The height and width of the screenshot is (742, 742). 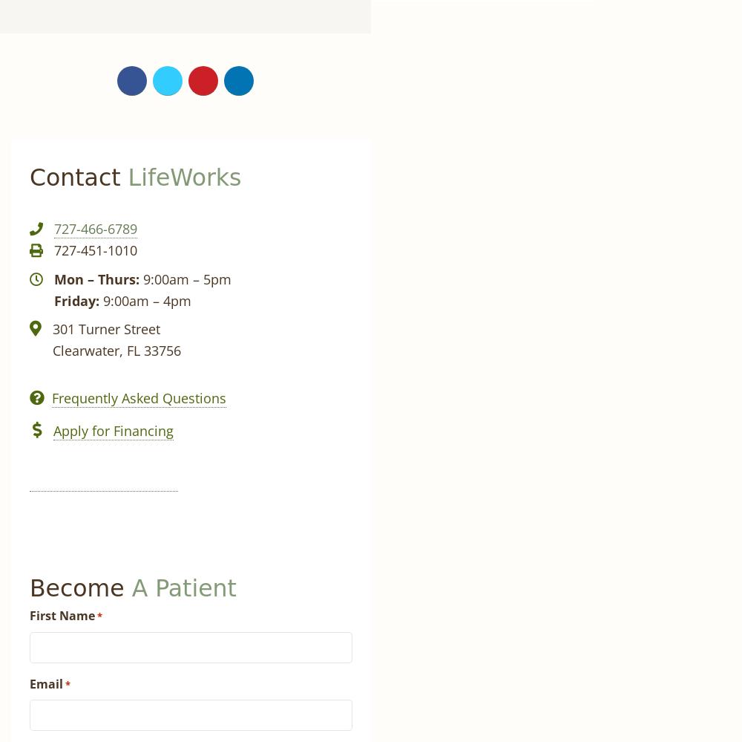 I want to click on '9:00am – 4pm', so click(x=145, y=299).